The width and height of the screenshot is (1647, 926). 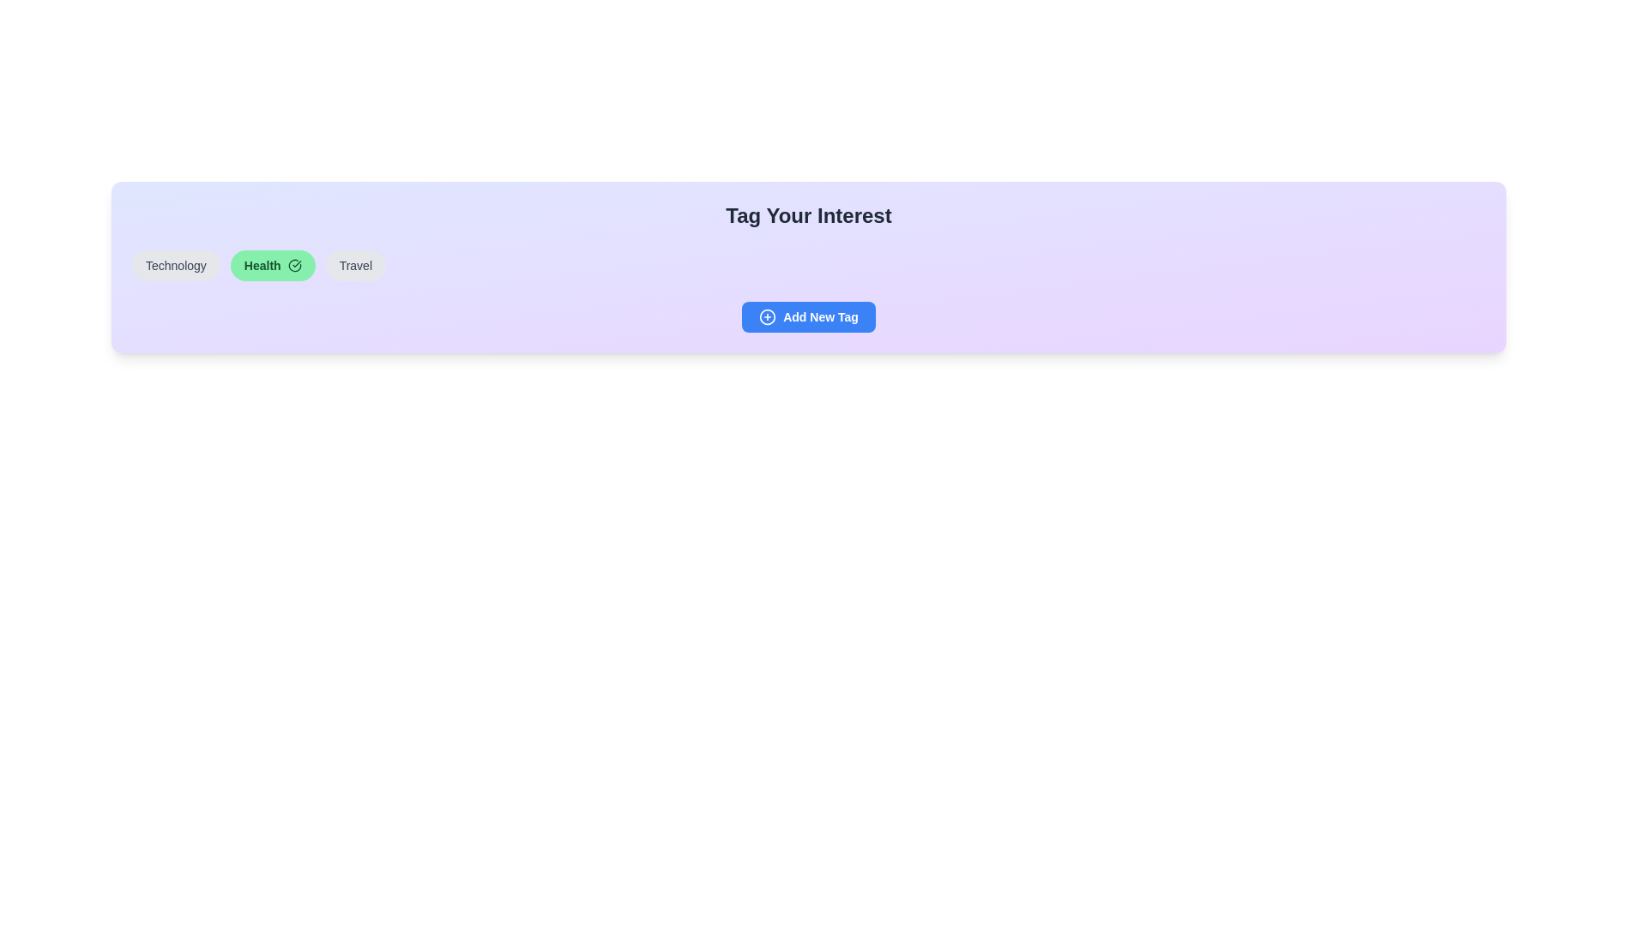 I want to click on the 'Add Tag' button located below the 'Tag Your Interest' section, so click(x=807, y=317).